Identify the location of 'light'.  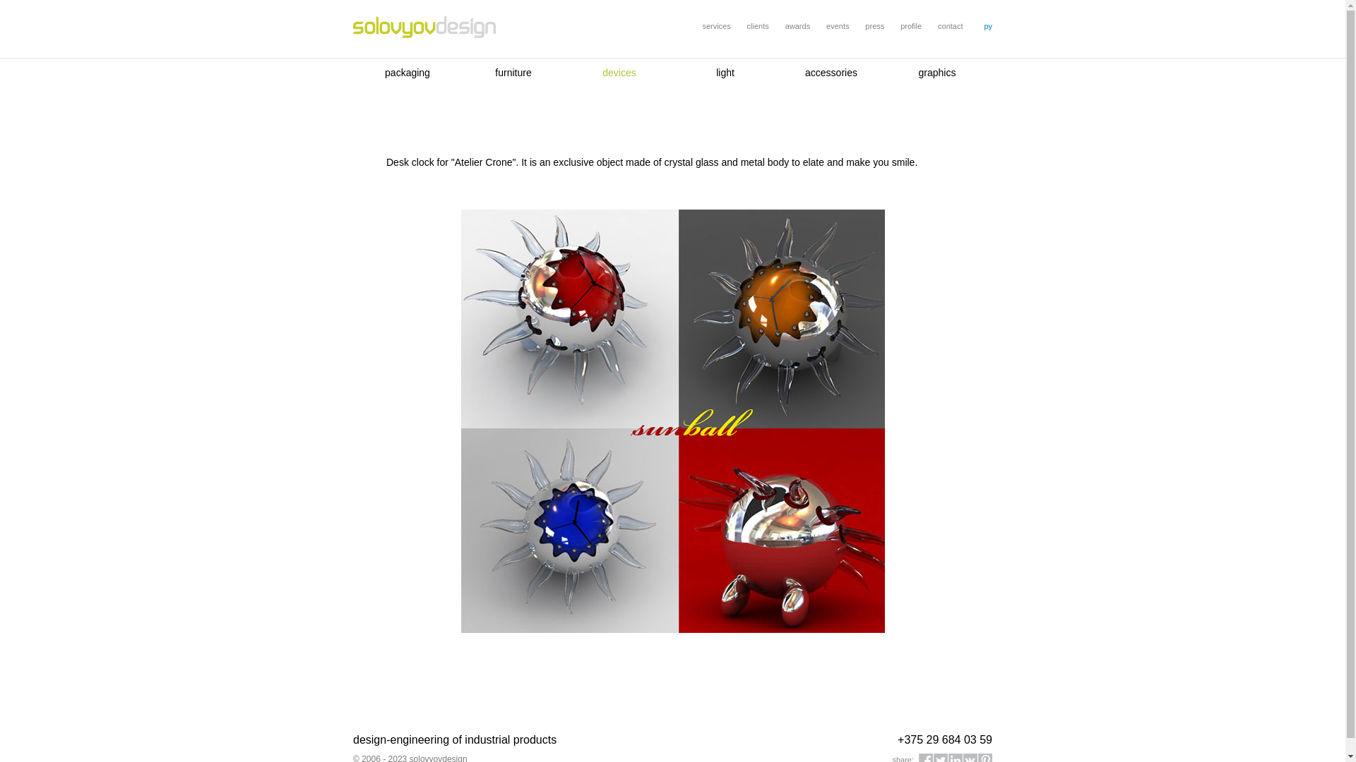
(725, 73).